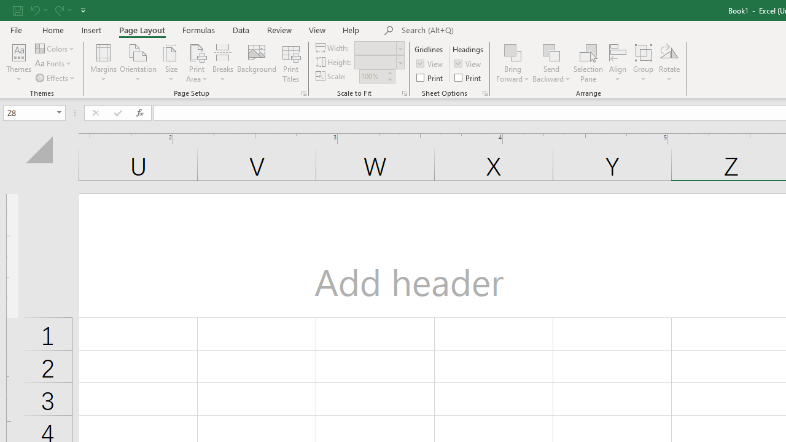 The height and width of the screenshot is (442, 786). What do you see at coordinates (551, 63) in the screenshot?
I see `'Send Backward'` at bounding box center [551, 63].